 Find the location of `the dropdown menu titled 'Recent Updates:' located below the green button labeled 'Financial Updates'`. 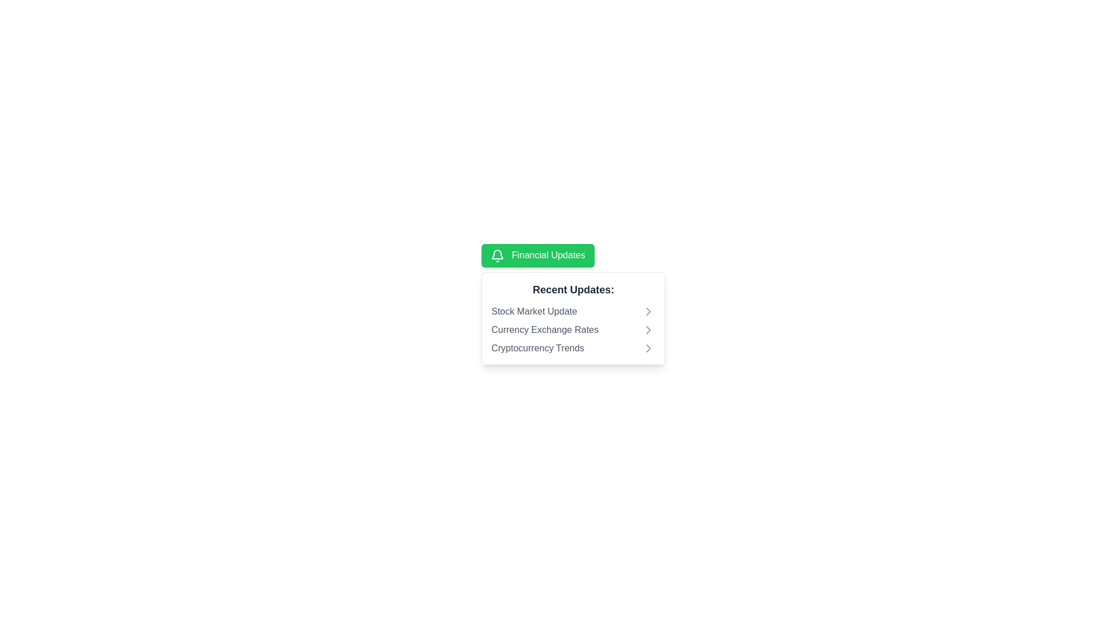

the dropdown menu titled 'Recent Updates:' located below the green button labeled 'Financial Updates' is located at coordinates (573, 318).